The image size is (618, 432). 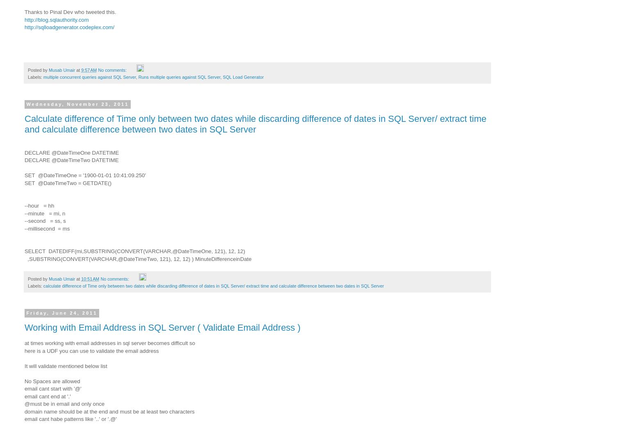 What do you see at coordinates (51, 206) in the screenshot?
I see `'hh'` at bounding box center [51, 206].